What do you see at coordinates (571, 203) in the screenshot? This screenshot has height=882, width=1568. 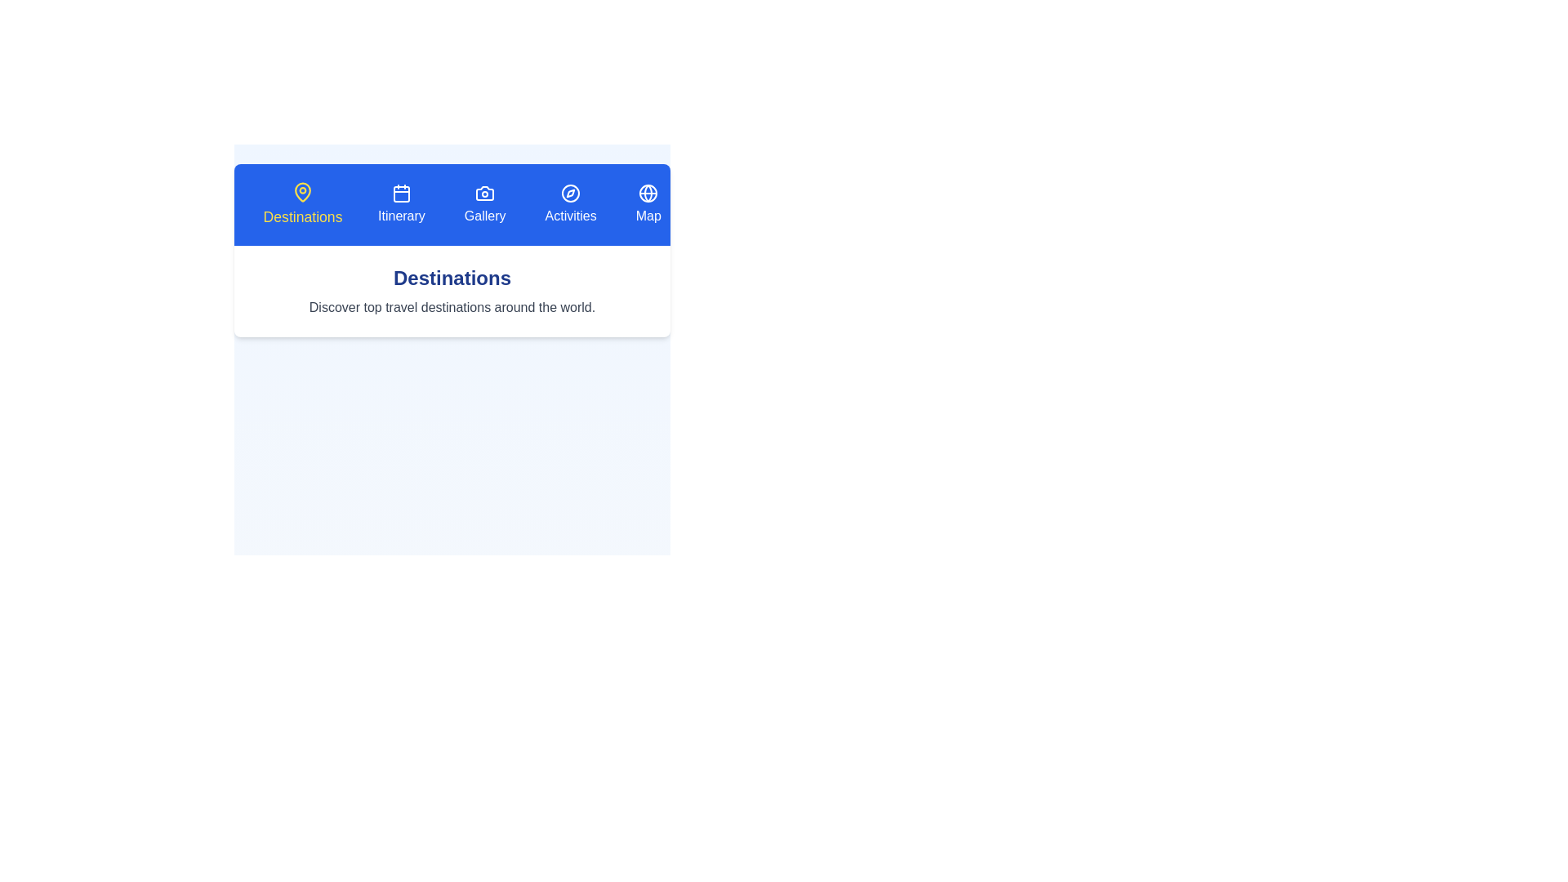 I see `the rectangular blue button labeled 'Activities' with a compass icon above the text` at bounding box center [571, 203].